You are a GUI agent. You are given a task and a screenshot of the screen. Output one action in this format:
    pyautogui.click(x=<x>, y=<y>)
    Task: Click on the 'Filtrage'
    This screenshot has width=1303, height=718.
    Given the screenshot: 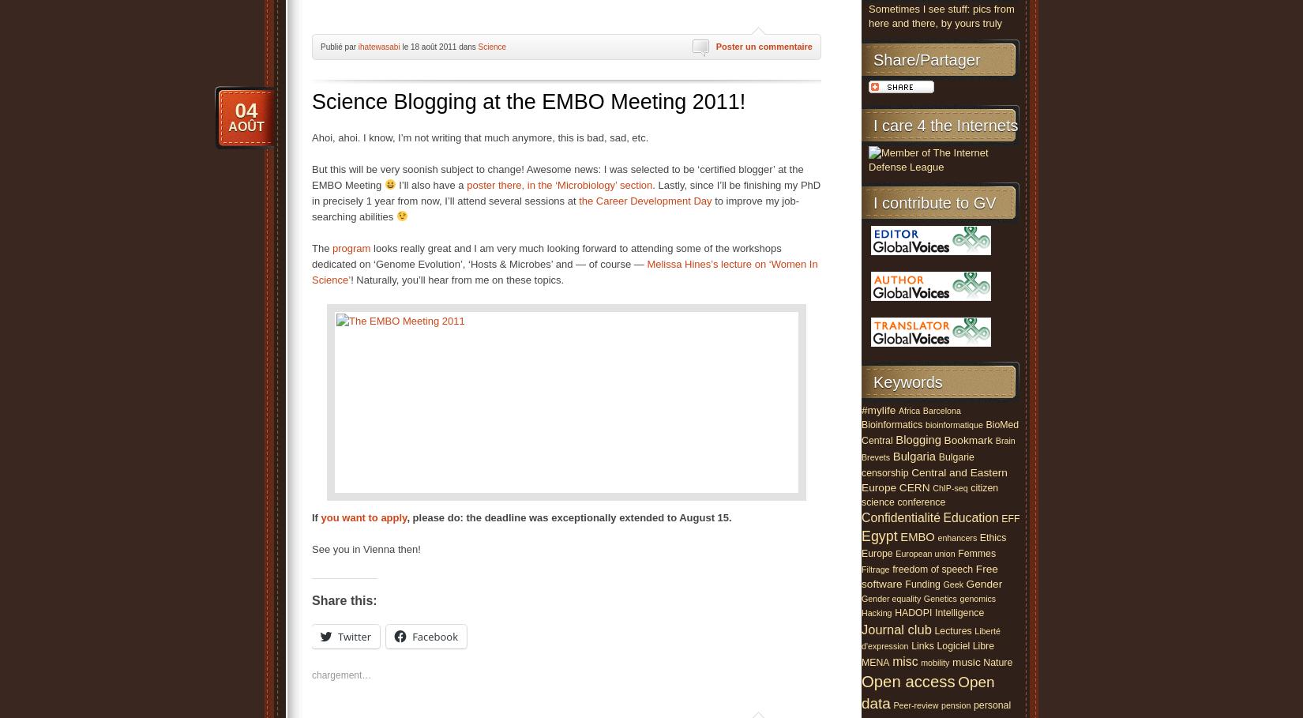 What is the action you would take?
    pyautogui.click(x=875, y=568)
    